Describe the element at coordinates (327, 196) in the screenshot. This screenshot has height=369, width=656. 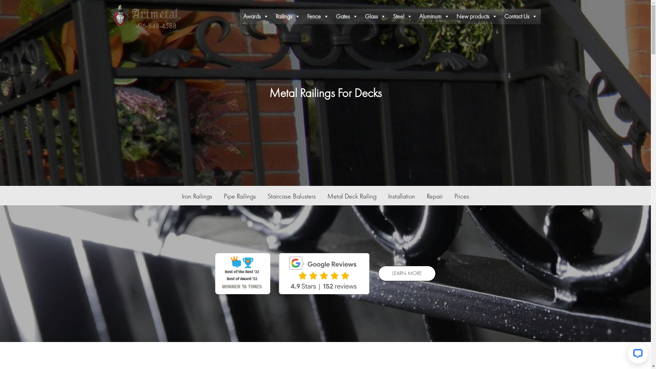
I see `'Metal Deck Railing'` at that location.